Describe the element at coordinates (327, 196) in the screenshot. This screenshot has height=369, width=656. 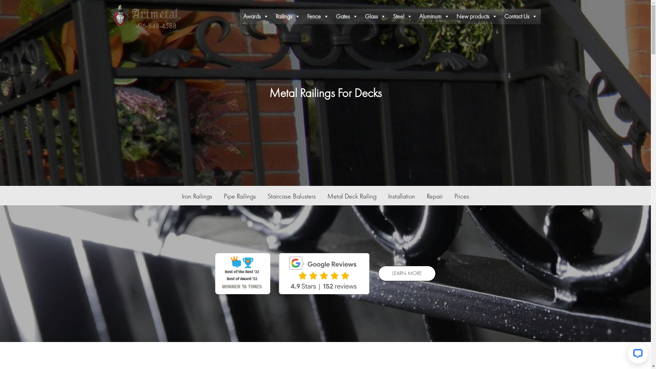
I see `'Metal Deck Railing'` at that location.